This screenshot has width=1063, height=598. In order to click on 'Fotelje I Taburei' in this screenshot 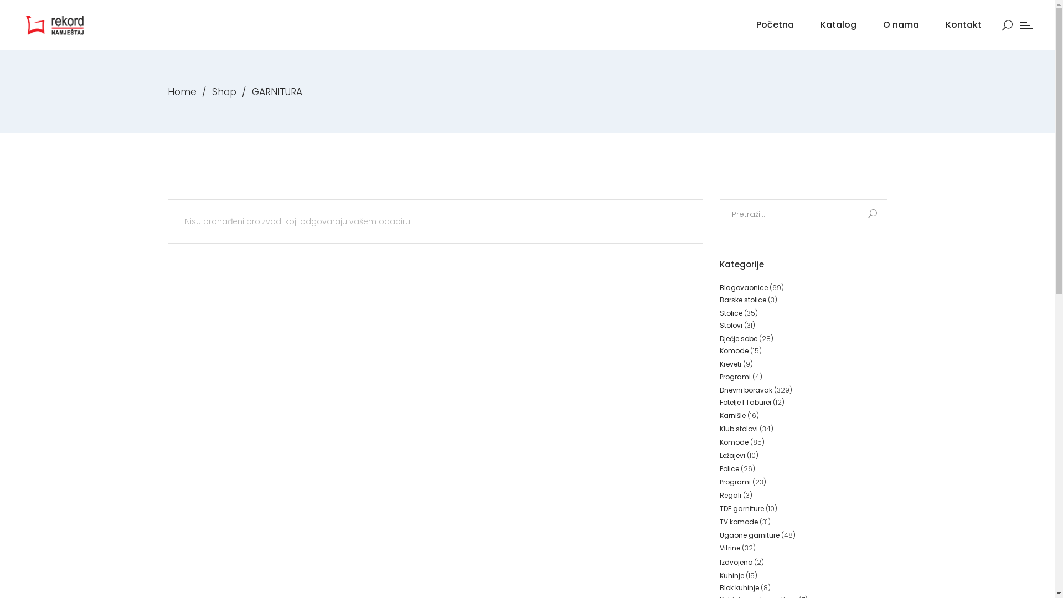, I will do `click(745, 402)`.